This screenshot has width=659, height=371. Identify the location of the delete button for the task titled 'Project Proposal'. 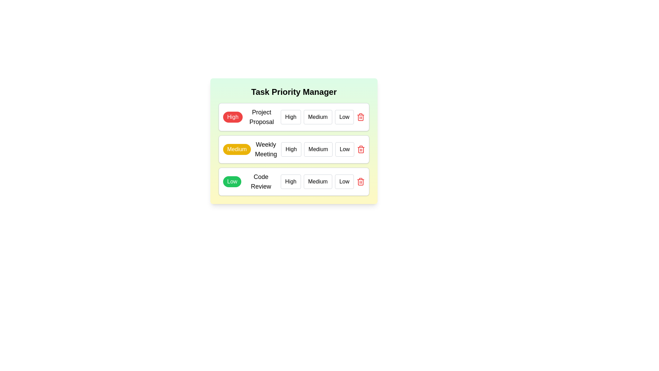
(360, 116).